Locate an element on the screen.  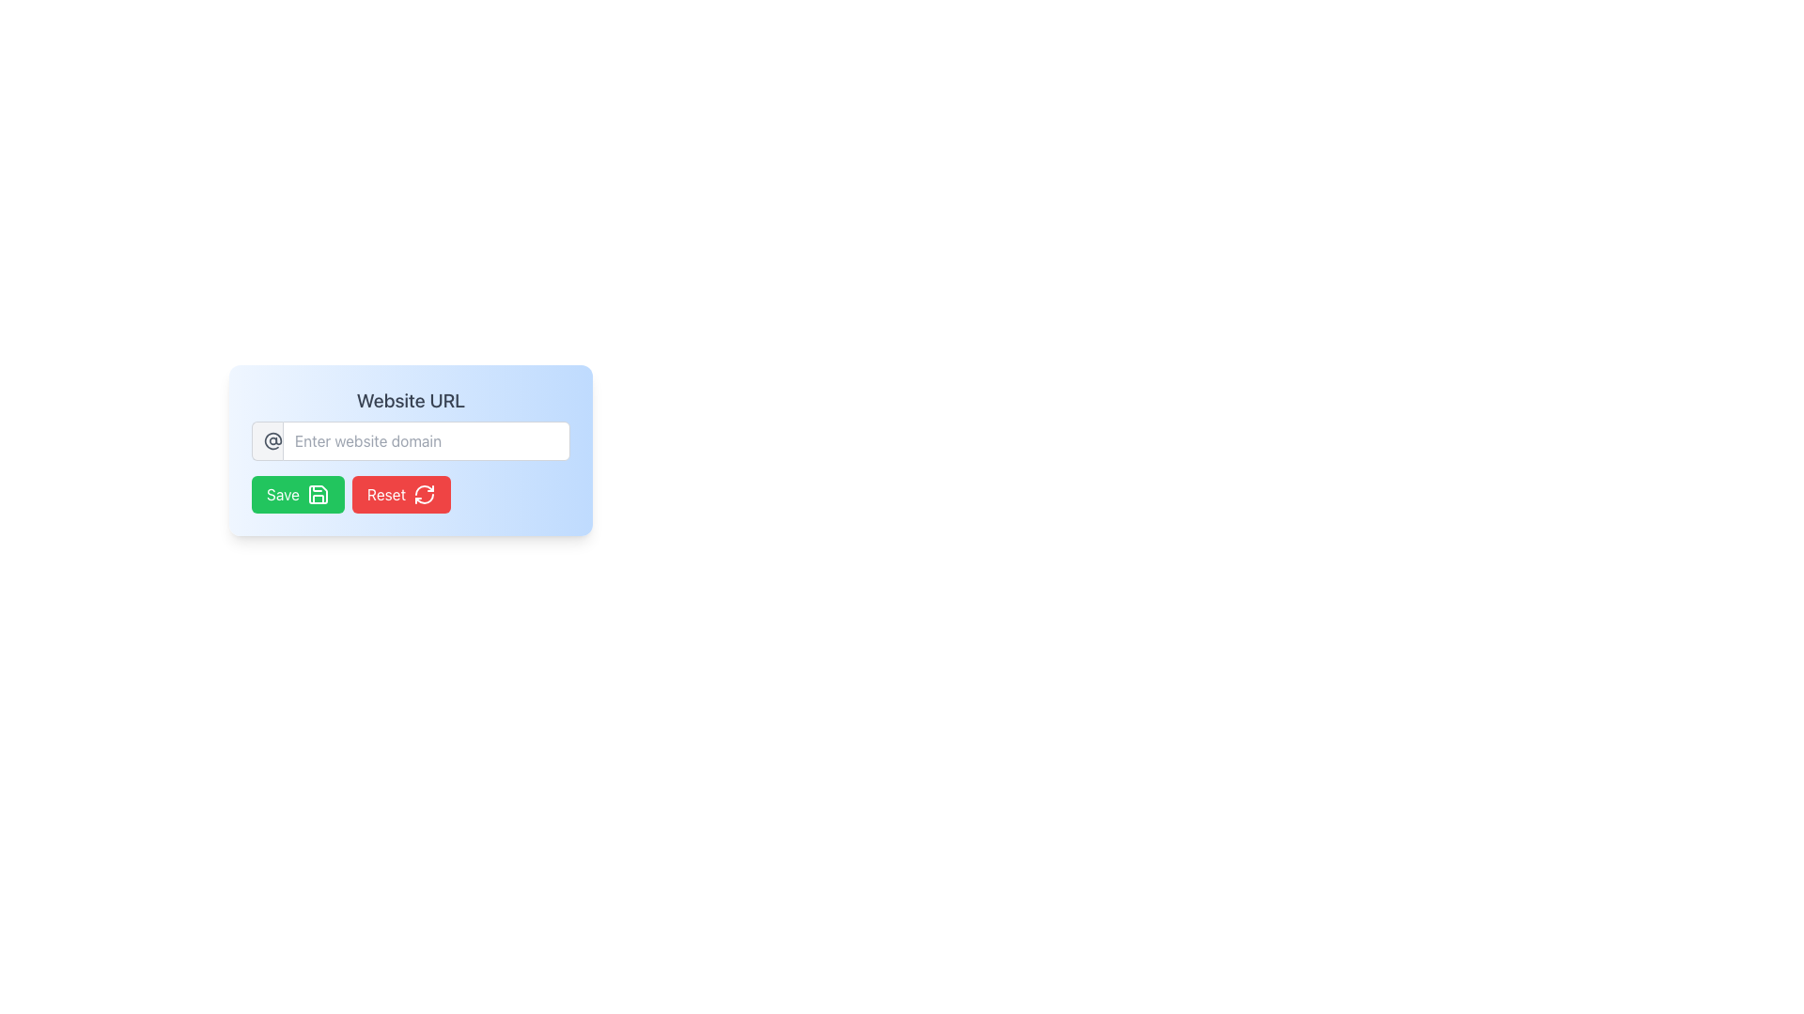
the 'Reset' button in the Horizontal Button Group located at the bottom of the 'Website URL' card component, underneath the input box for entering a website domain is located at coordinates (410, 494).